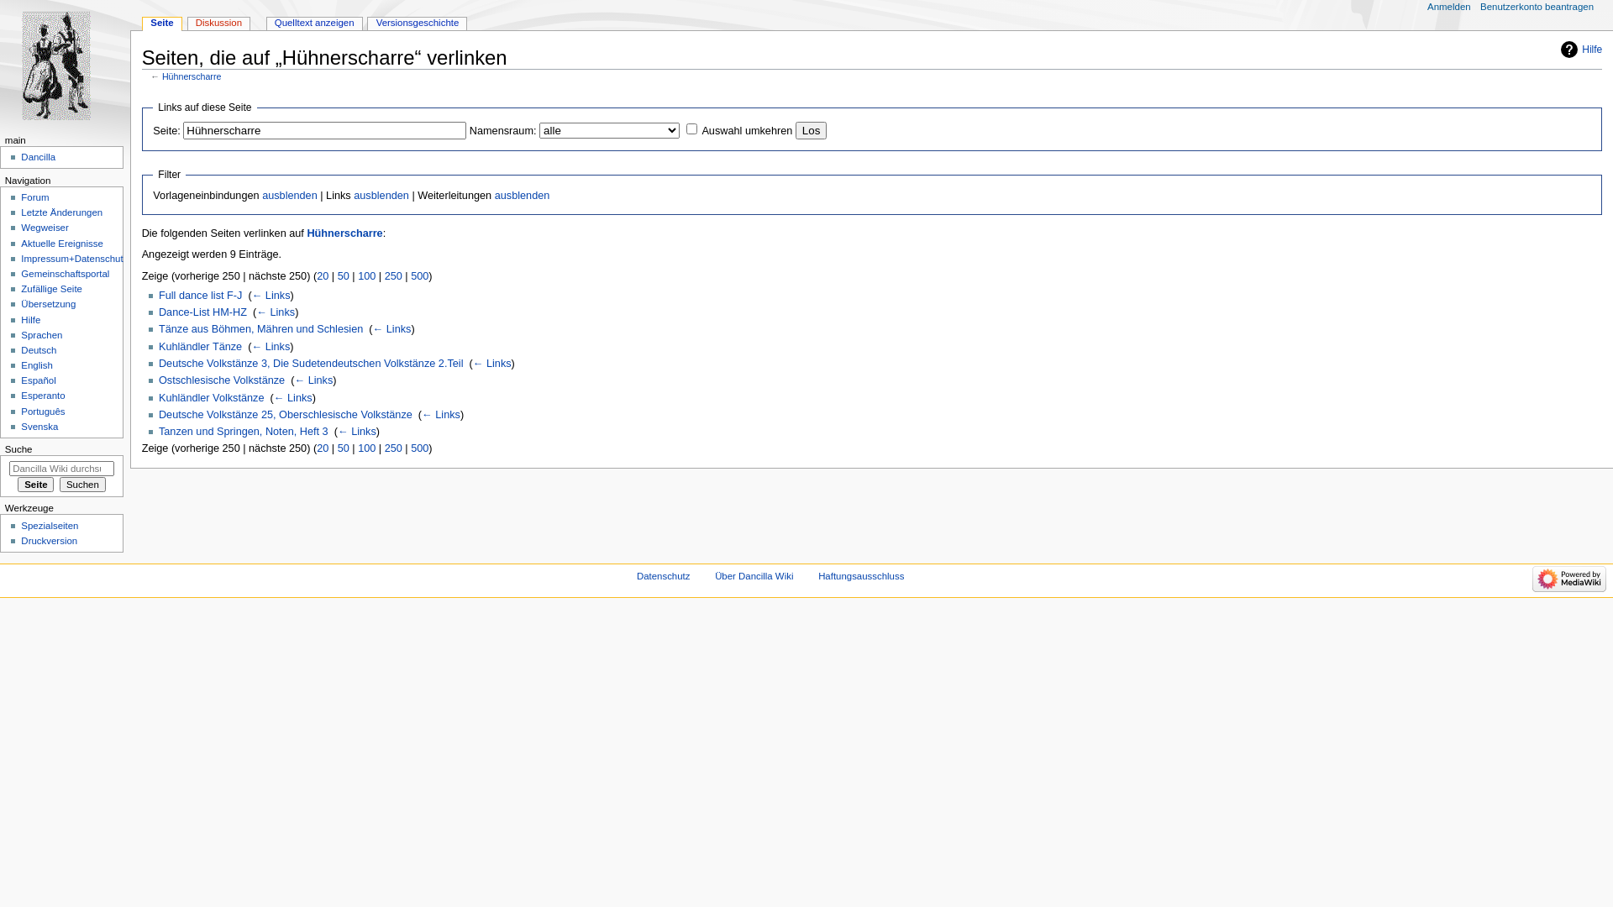 This screenshot has width=1613, height=907. What do you see at coordinates (20, 259) in the screenshot?
I see `'Impressum+Datenschutz'` at bounding box center [20, 259].